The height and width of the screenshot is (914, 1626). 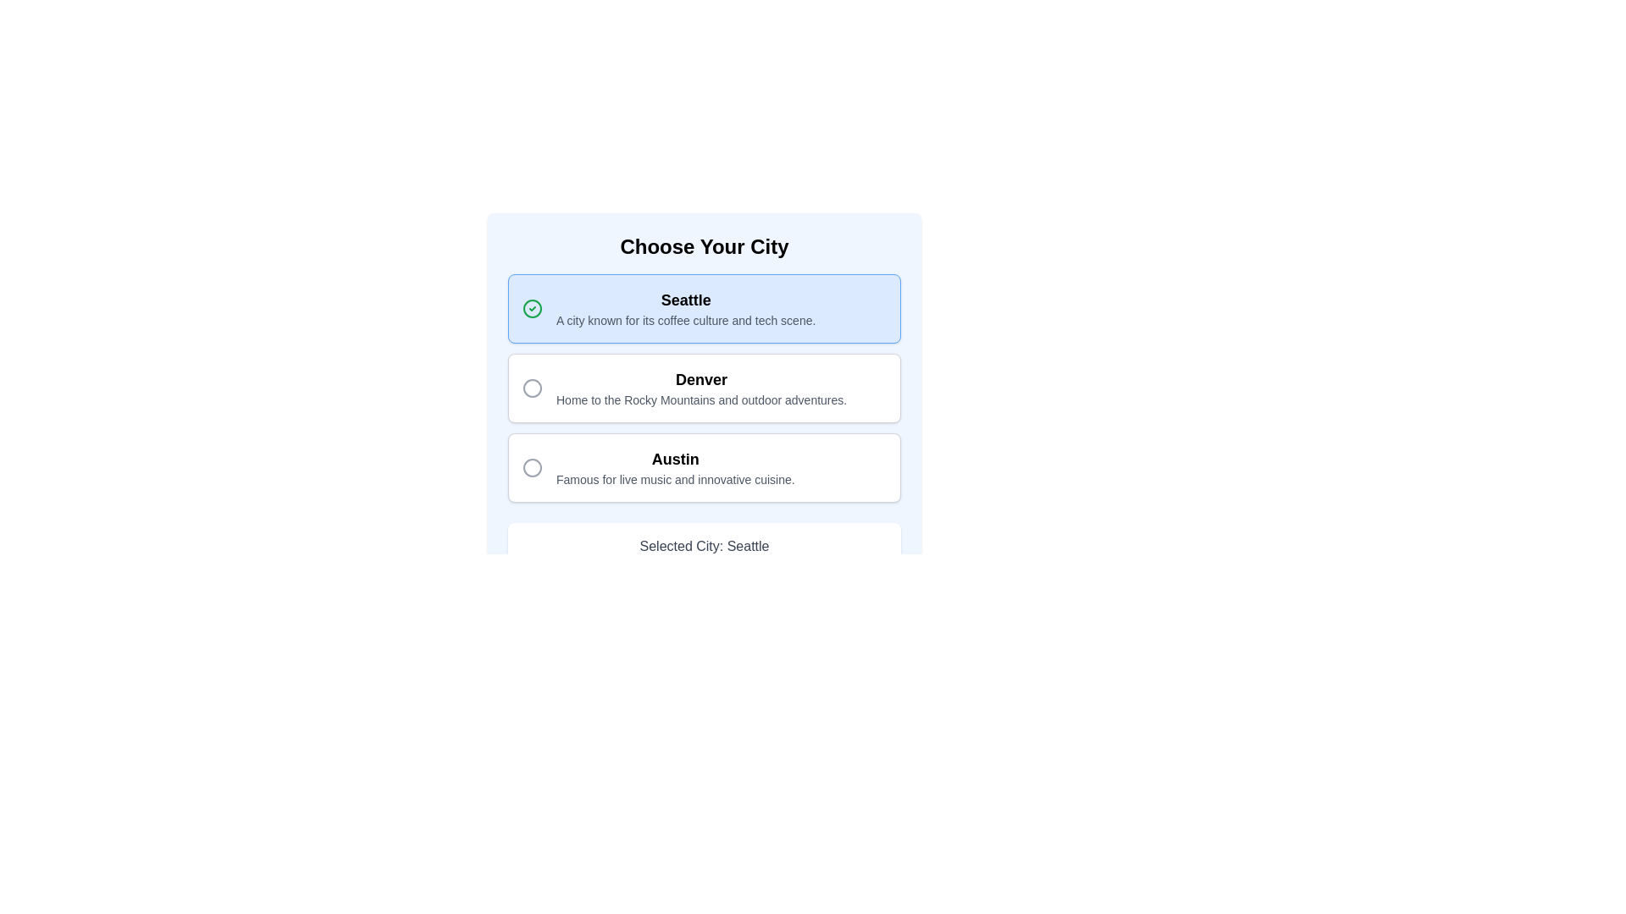 I want to click on the circular icon with a green outline and a check mark in the center located on the left side of the 'Seattle' option card, so click(x=531, y=309).